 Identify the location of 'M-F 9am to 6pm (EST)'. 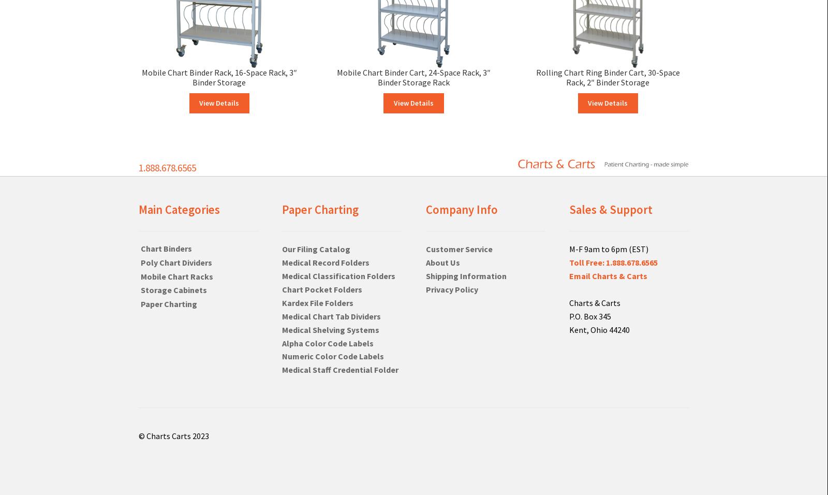
(569, 248).